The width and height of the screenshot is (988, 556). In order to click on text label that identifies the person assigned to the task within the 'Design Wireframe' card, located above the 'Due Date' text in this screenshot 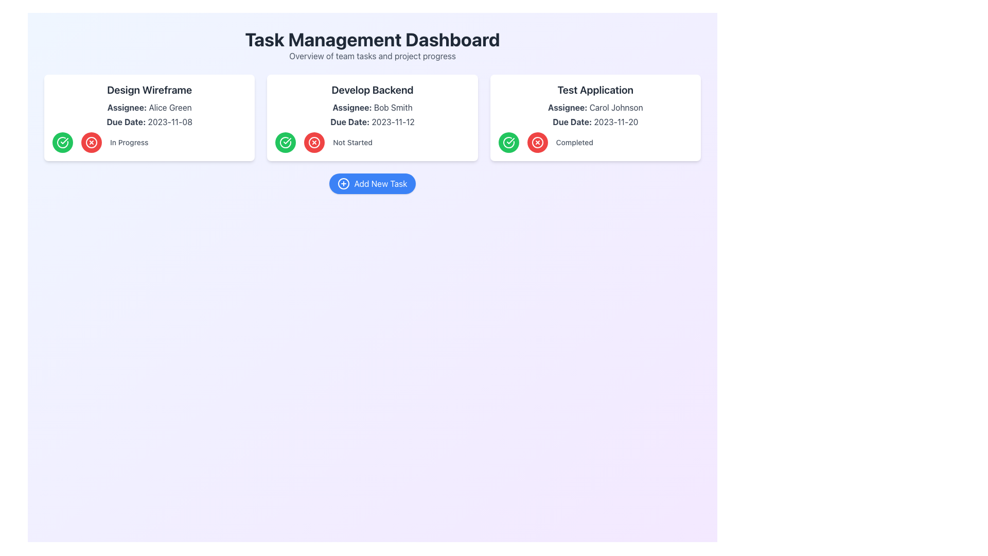, I will do `click(149, 107)`.